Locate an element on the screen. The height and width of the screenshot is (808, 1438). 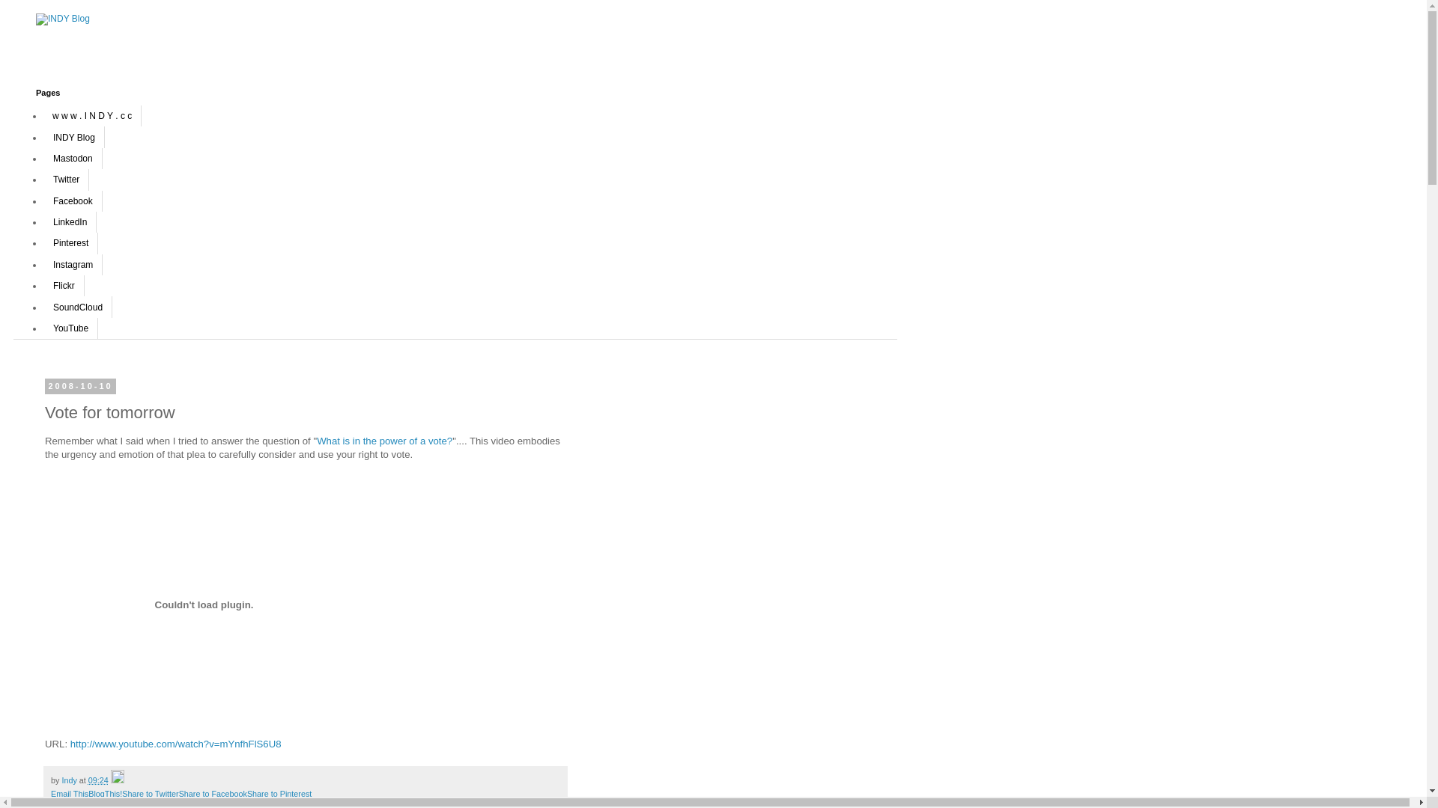
'What is in the power of a vote?' is located at coordinates (384, 440).